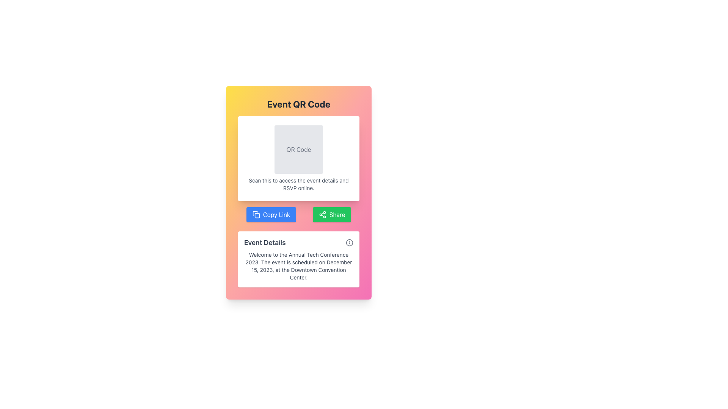 The image size is (728, 409). Describe the element at coordinates (298, 215) in the screenshot. I see `the 'Share' button in the button group located below the QR Code description and above the 'Event Details' section` at that location.